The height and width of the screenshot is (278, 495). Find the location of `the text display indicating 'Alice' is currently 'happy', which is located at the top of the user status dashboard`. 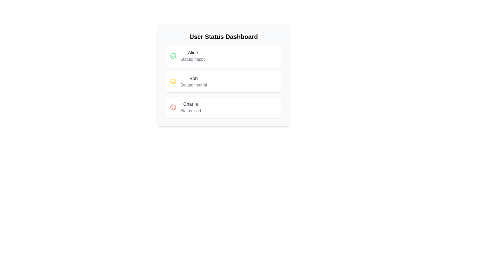

the text display indicating 'Alice' is currently 'happy', which is located at the top of the user status dashboard is located at coordinates (193, 56).